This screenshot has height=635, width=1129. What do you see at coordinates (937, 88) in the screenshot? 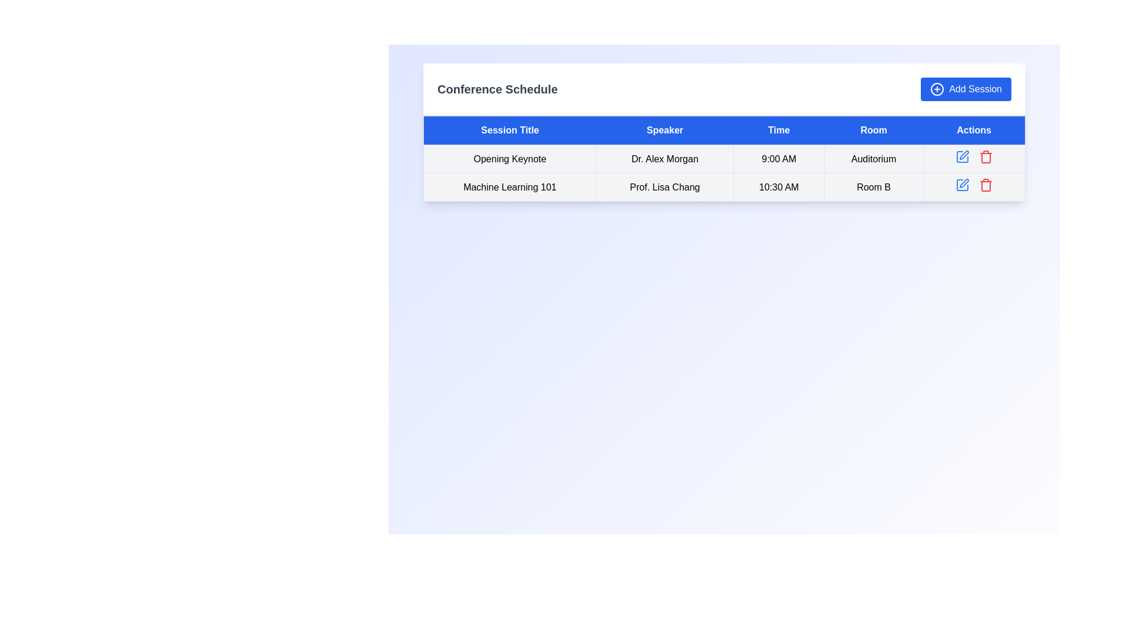
I see `the circle icon representing the 'add' function within the 'Add Session' button, located in the upper-right corner of the interface` at bounding box center [937, 88].